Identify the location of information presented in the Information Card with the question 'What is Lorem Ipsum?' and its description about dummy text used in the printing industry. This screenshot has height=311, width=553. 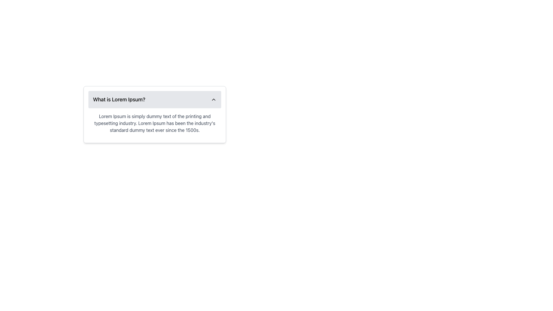
(155, 114).